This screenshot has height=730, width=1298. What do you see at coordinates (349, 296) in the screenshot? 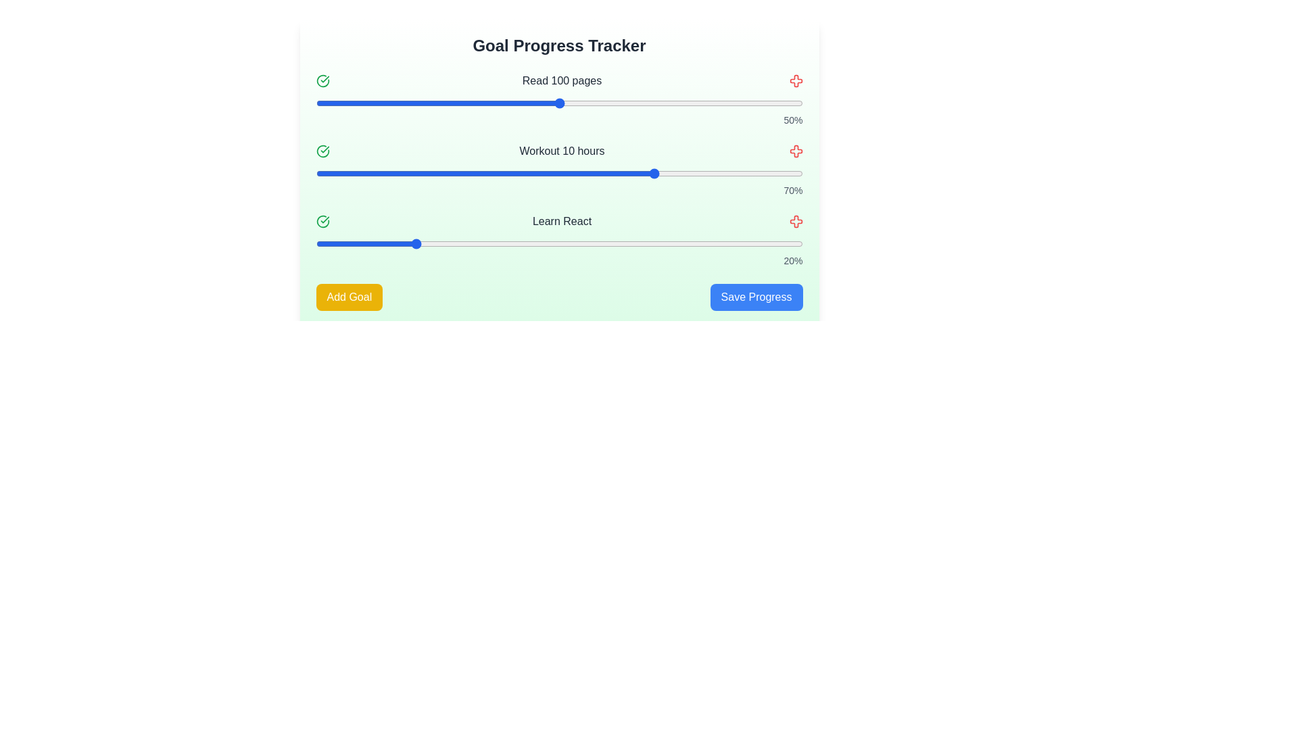
I see `the 'Add Goal' button` at bounding box center [349, 296].